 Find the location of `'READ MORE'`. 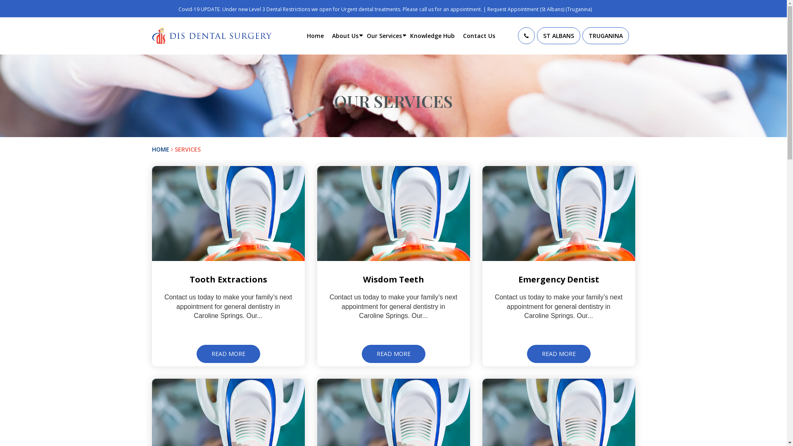

'READ MORE' is located at coordinates (559, 353).